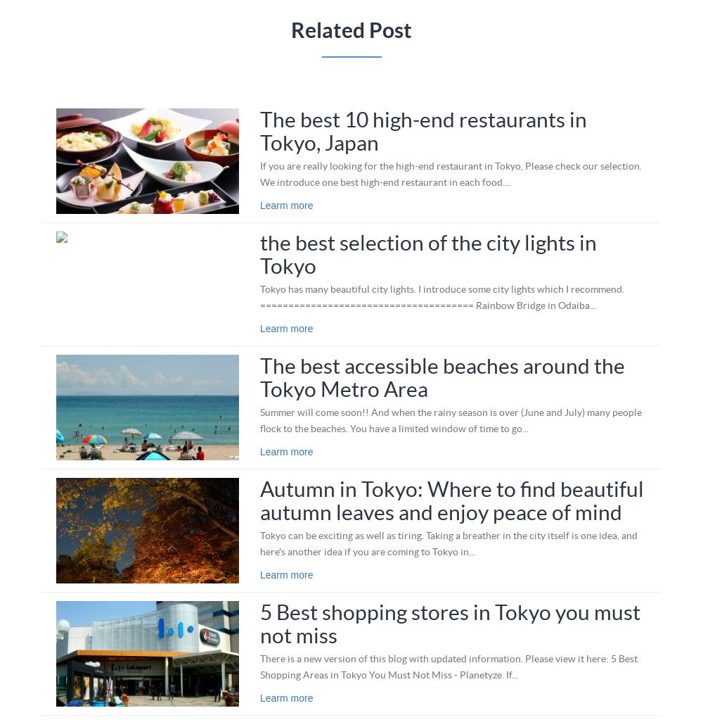  What do you see at coordinates (259, 623) in the screenshot?
I see `'5 Best shopping stores in Tokyo you must not miss'` at bounding box center [259, 623].